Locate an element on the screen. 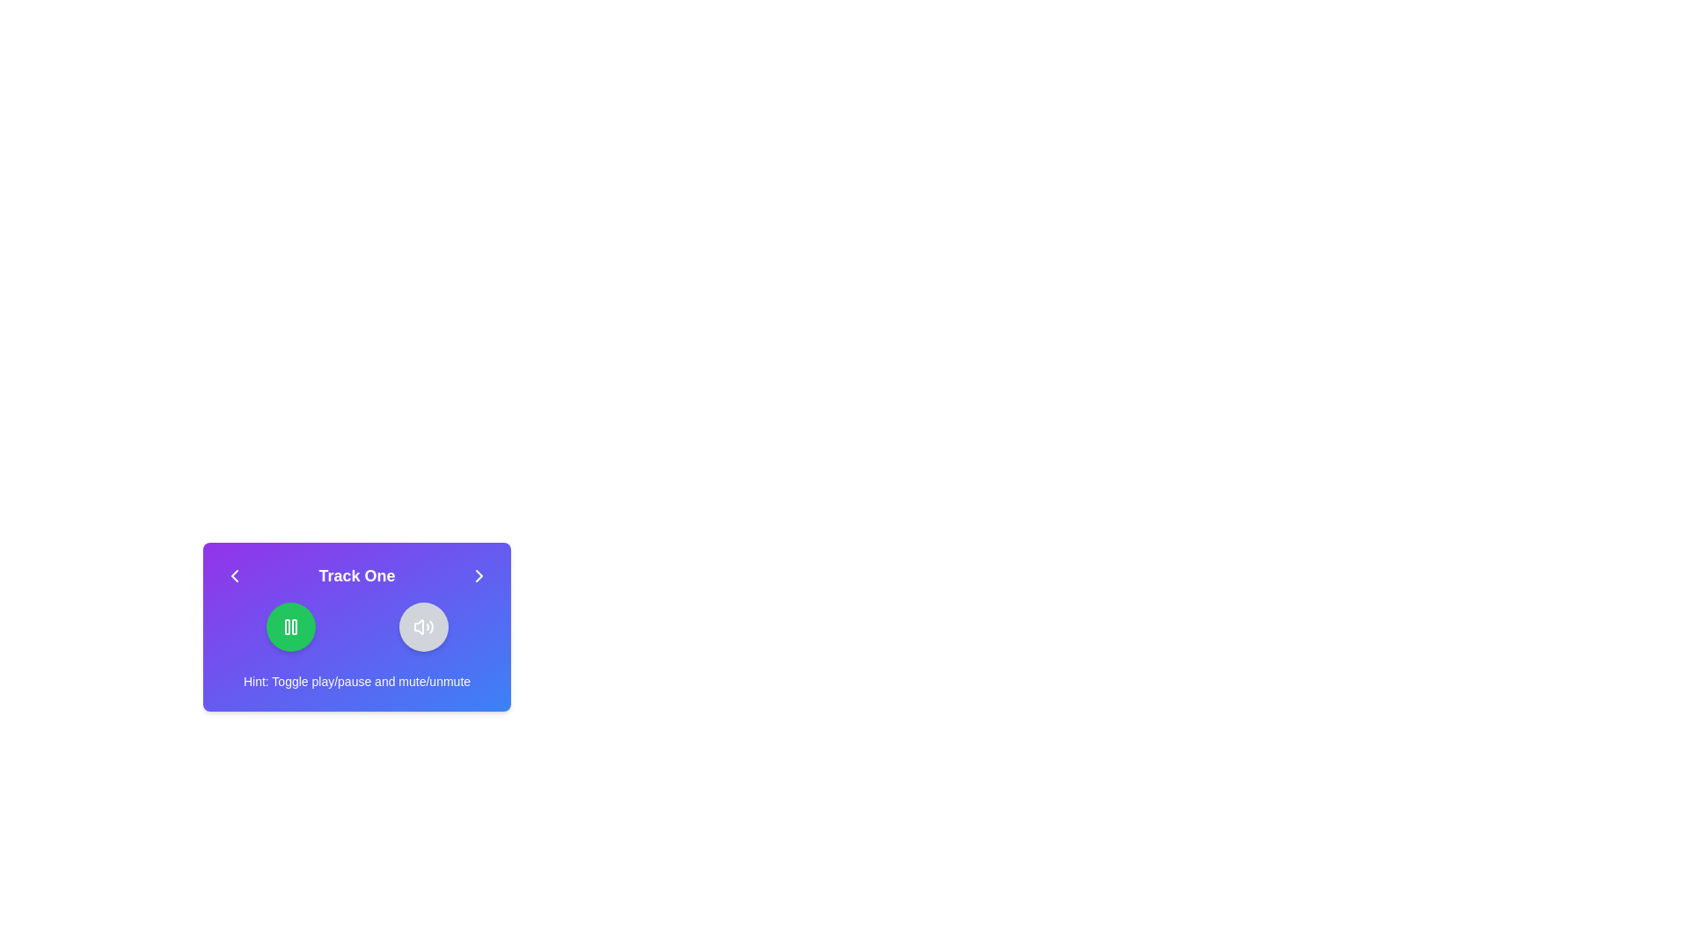  the central green circular pause button icon located to the left of the gray circular button is located at coordinates (290, 626).